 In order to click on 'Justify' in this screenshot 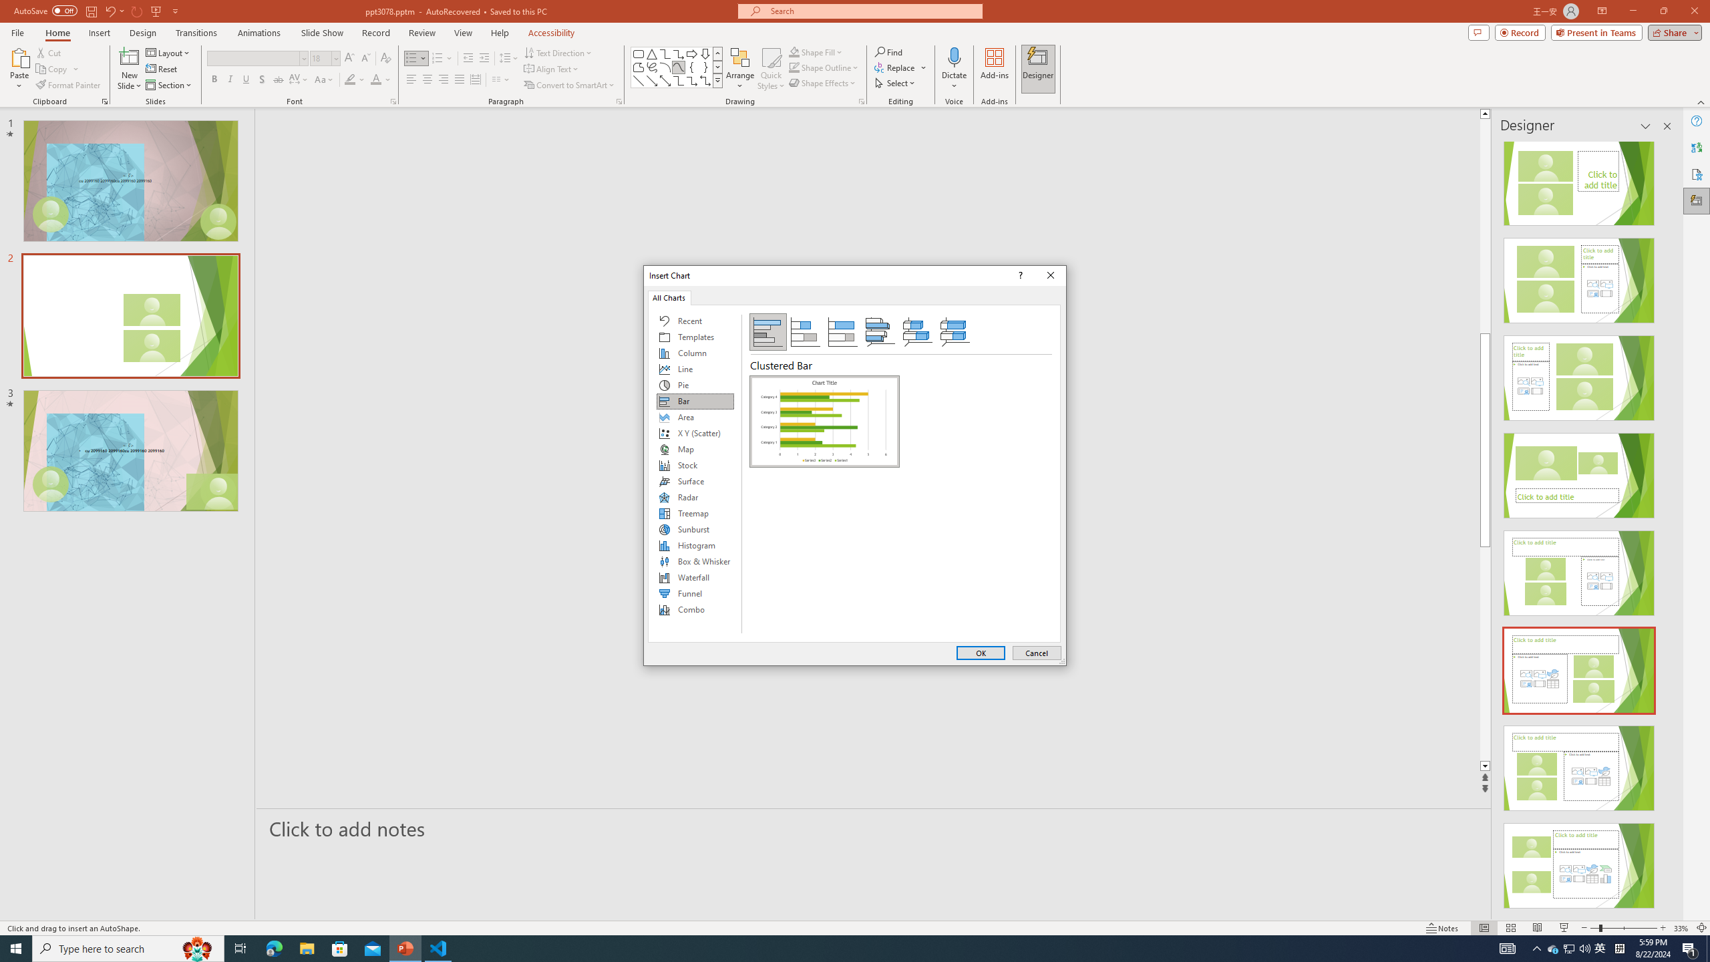, I will do `click(458, 79)`.